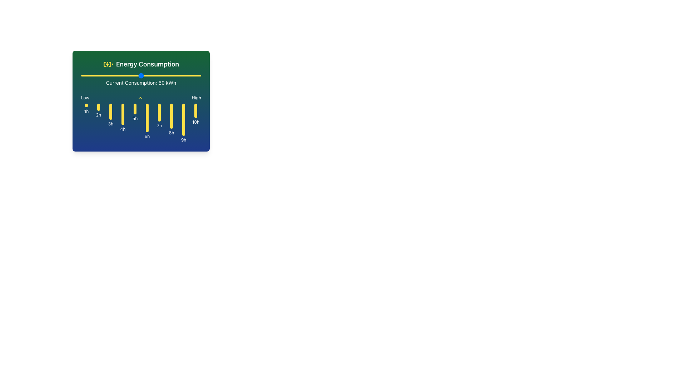  I want to click on the visual indicator representing energy consumption for the 9th hour, located at the bottom of the 'Energy Consumption' panel, so click(183, 119).